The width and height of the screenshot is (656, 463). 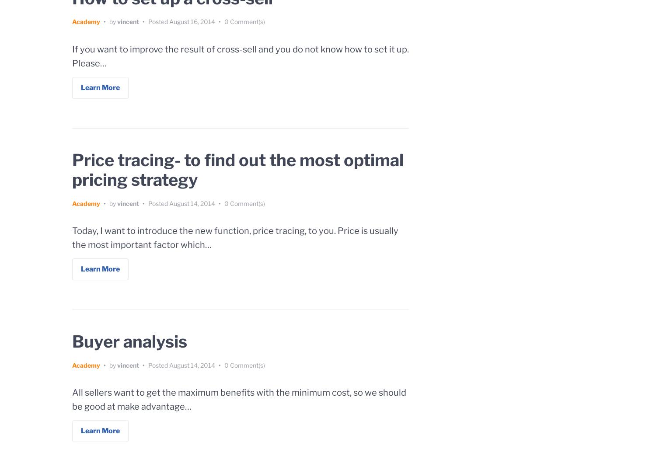 What do you see at coordinates (72, 169) in the screenshot?
I see `'Price tracing- to find out the most optimal pricing strategy'` at bounding box center [72, 169].